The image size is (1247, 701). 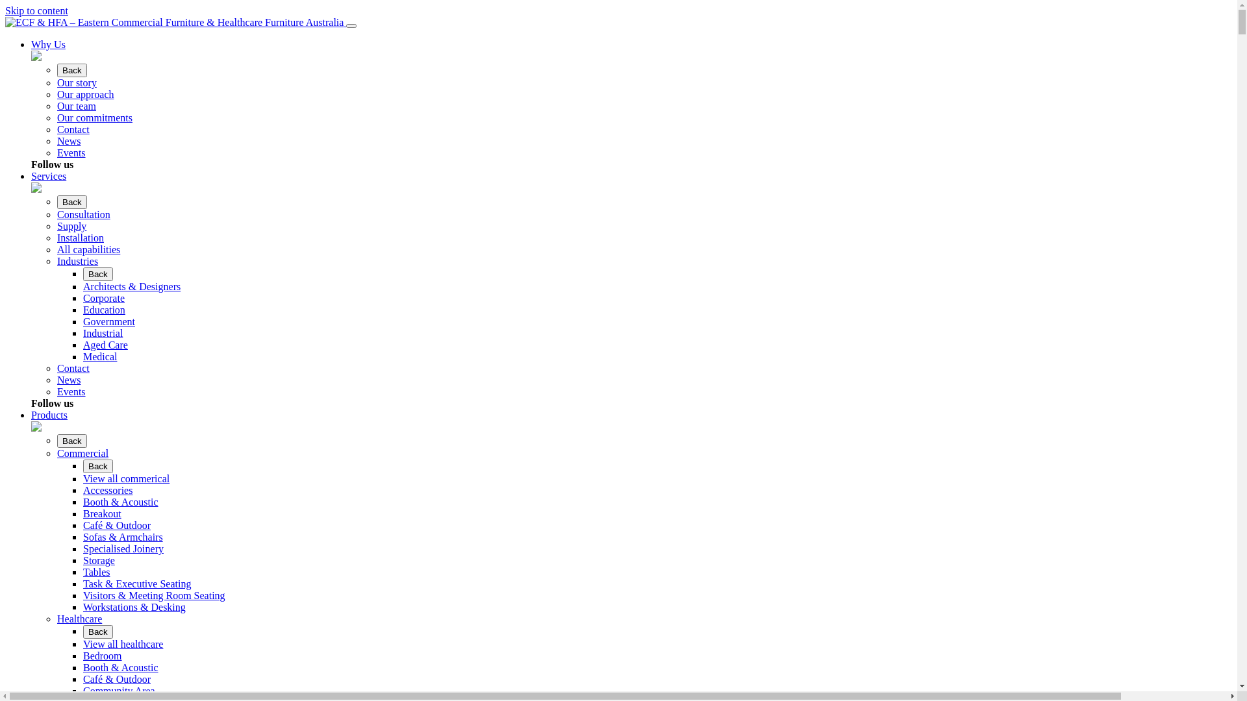 I want to click on 'View all commerical', so click(x=82, y=478).